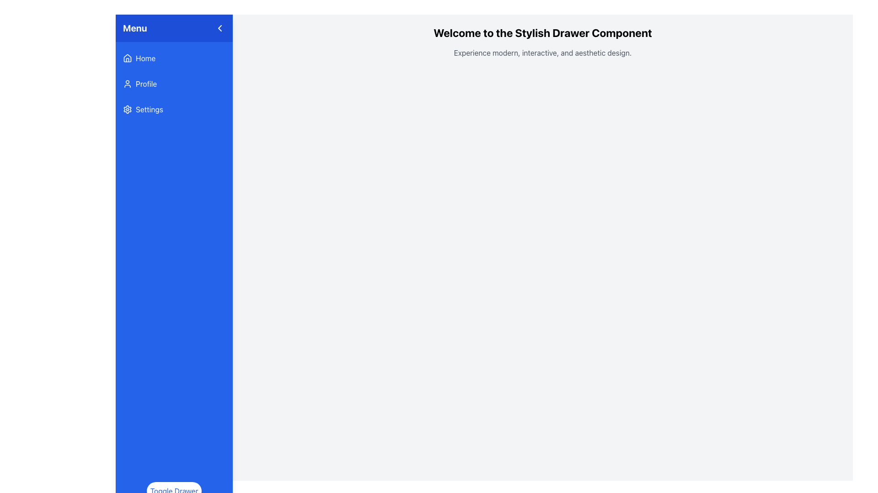 This screenshot has height=493, width=878. Describe the element at coordinates (127, 58) in the screenshot. I see `the 'Home' menu icon located in the sidebar, which visually represents the 'Home' menu item` at that location.